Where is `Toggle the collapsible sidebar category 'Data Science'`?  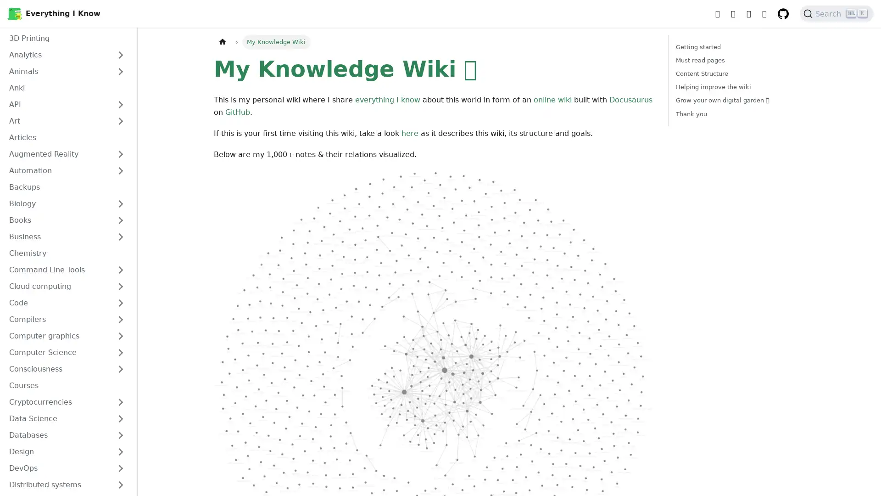
Toggle the collapsible sidebar category 'Data Science' is located at coordinates (120, 418).